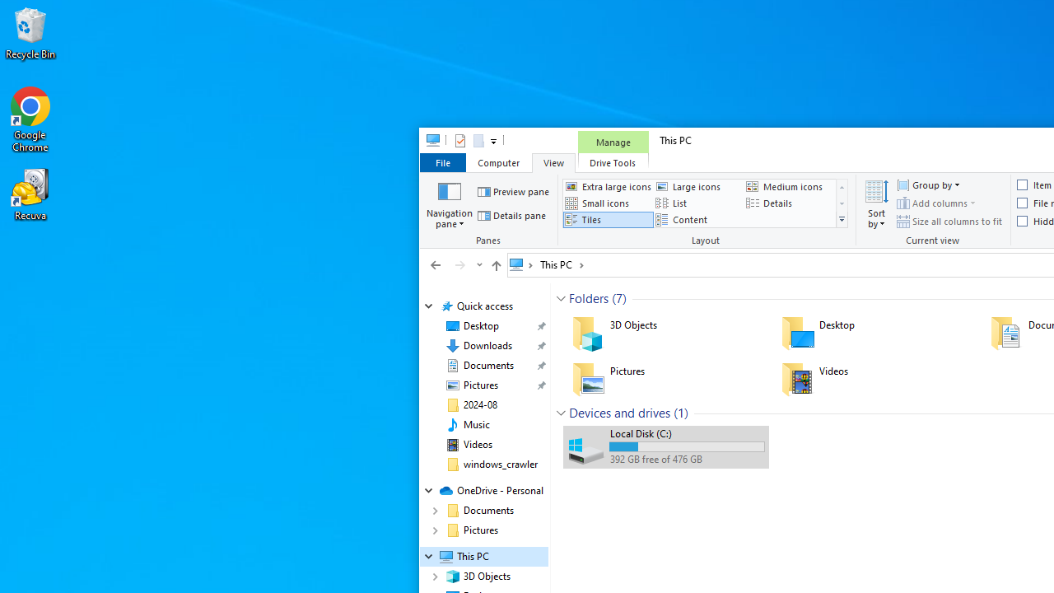  What do you see at coordinates (497, 162) in the screenshot?
I see `'Computer'` at bounding box center [497, 162].